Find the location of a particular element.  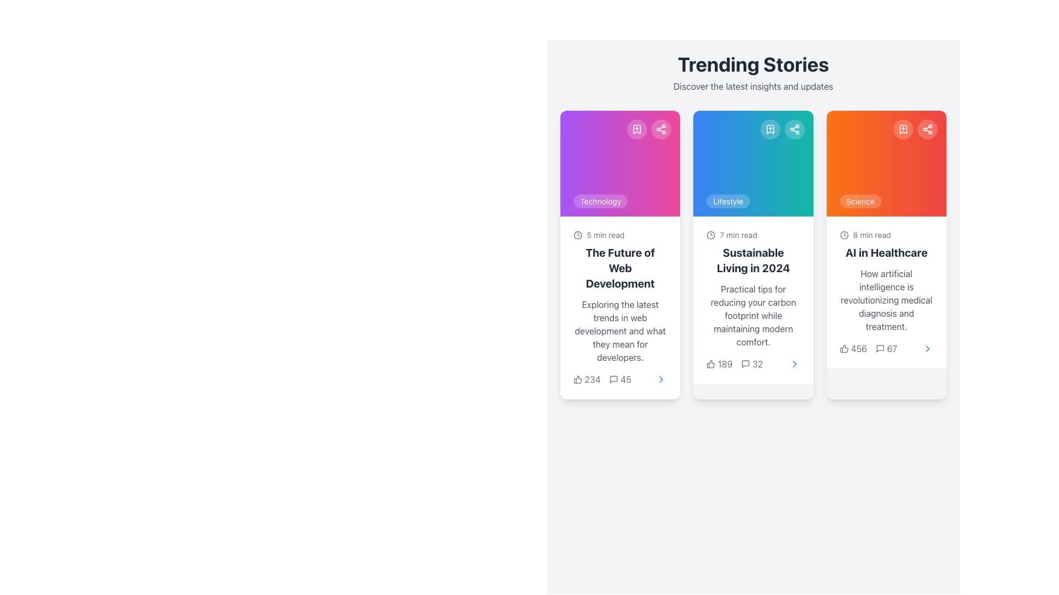

the '8 min read' text with a clock icon, which indicates the estimated reading time for the content associated with the card titled 'AI in Healthcare' in the 'Trending Stories' section is located at coordinates (886, 235).